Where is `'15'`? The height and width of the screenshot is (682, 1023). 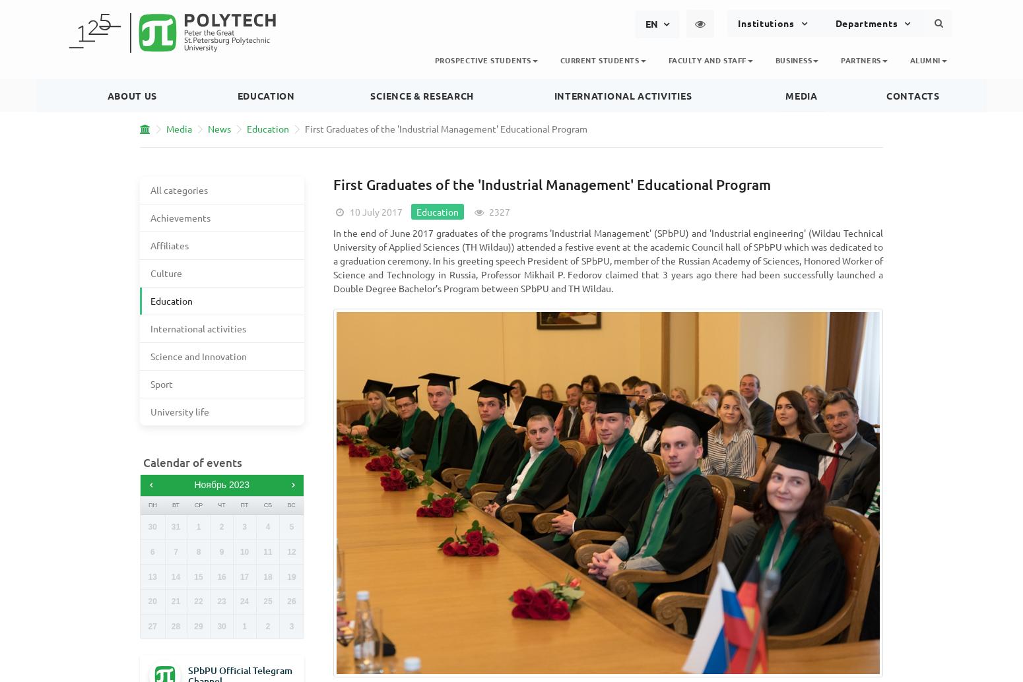 '15' is located at coordinates (198, 576).